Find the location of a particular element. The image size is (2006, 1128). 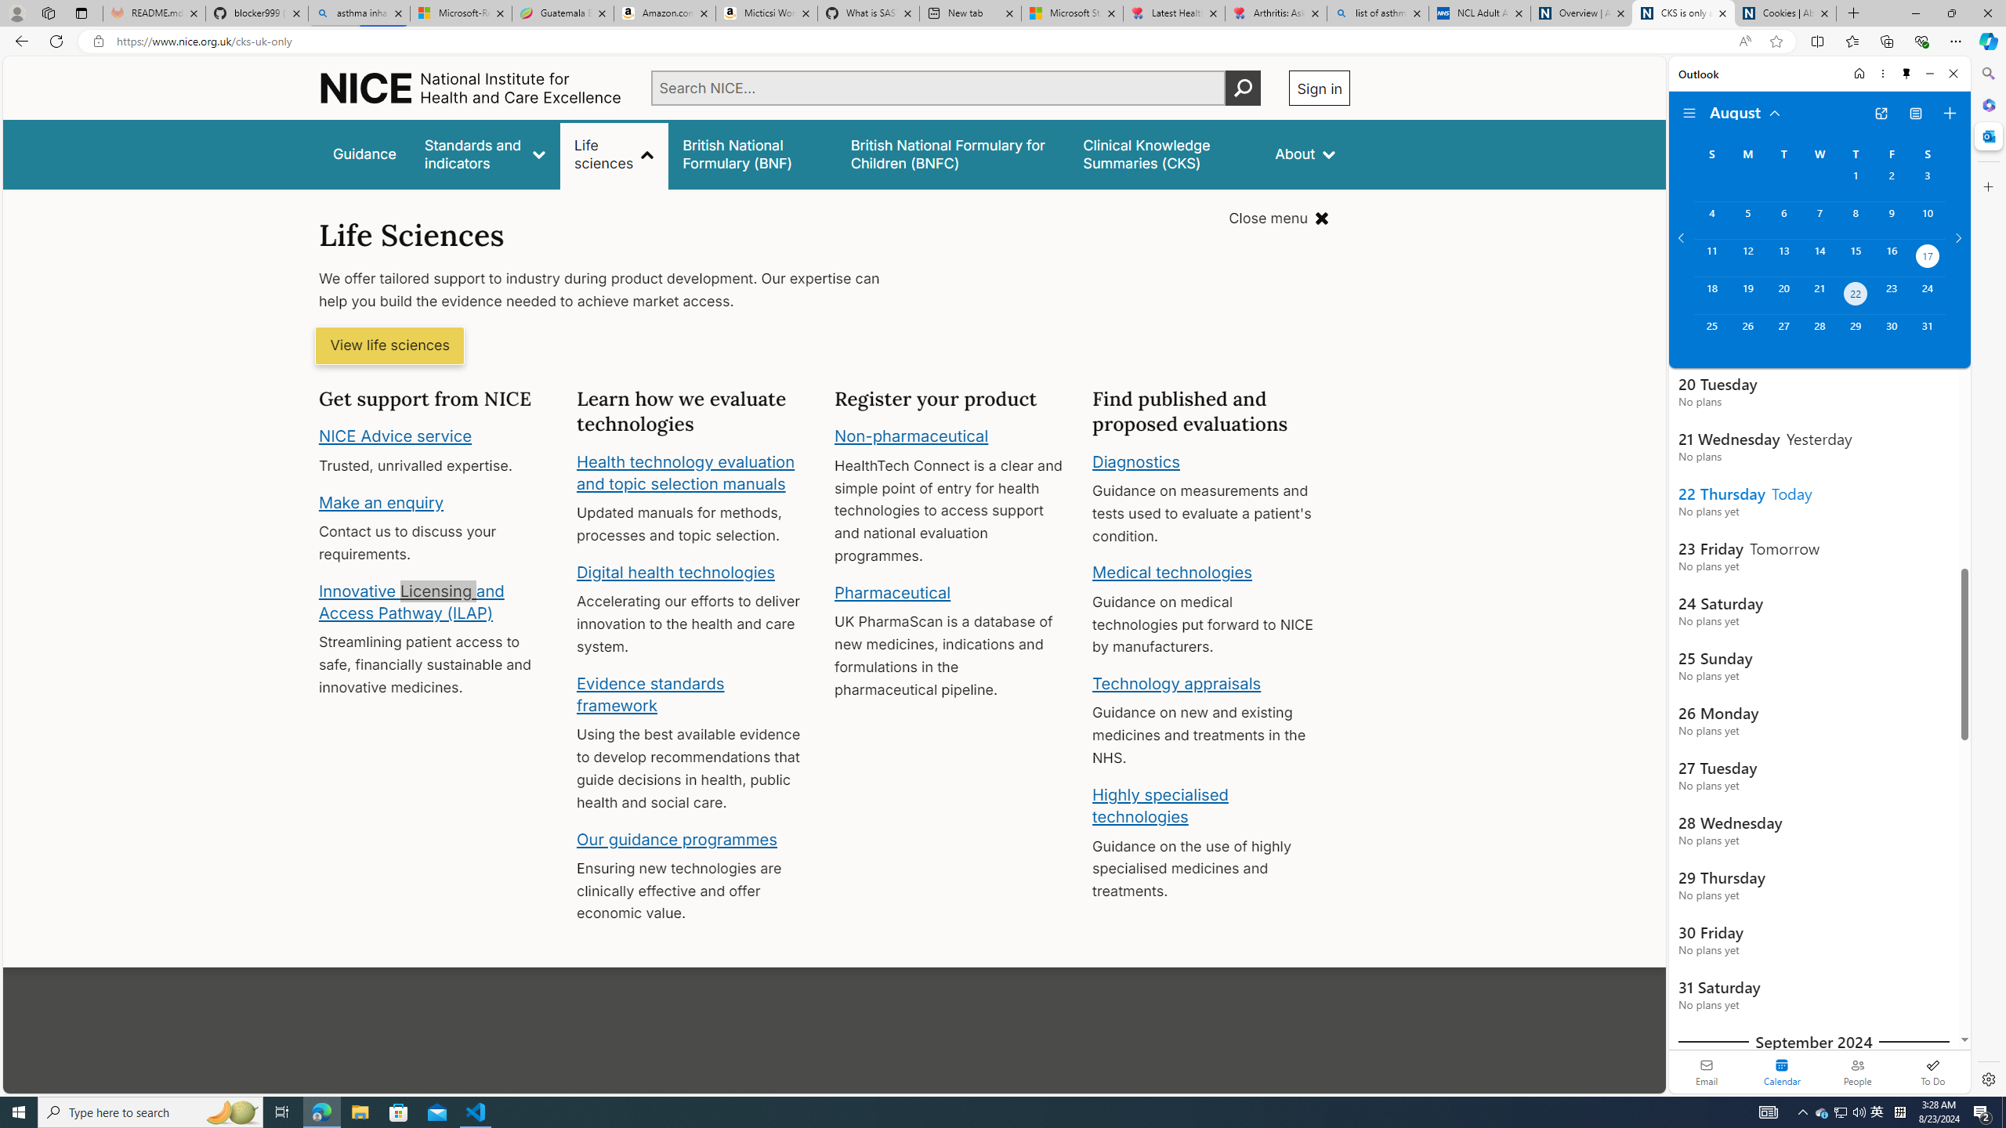

'Monday, August 12, 2024. ' is located at coordinates (1747, 258).